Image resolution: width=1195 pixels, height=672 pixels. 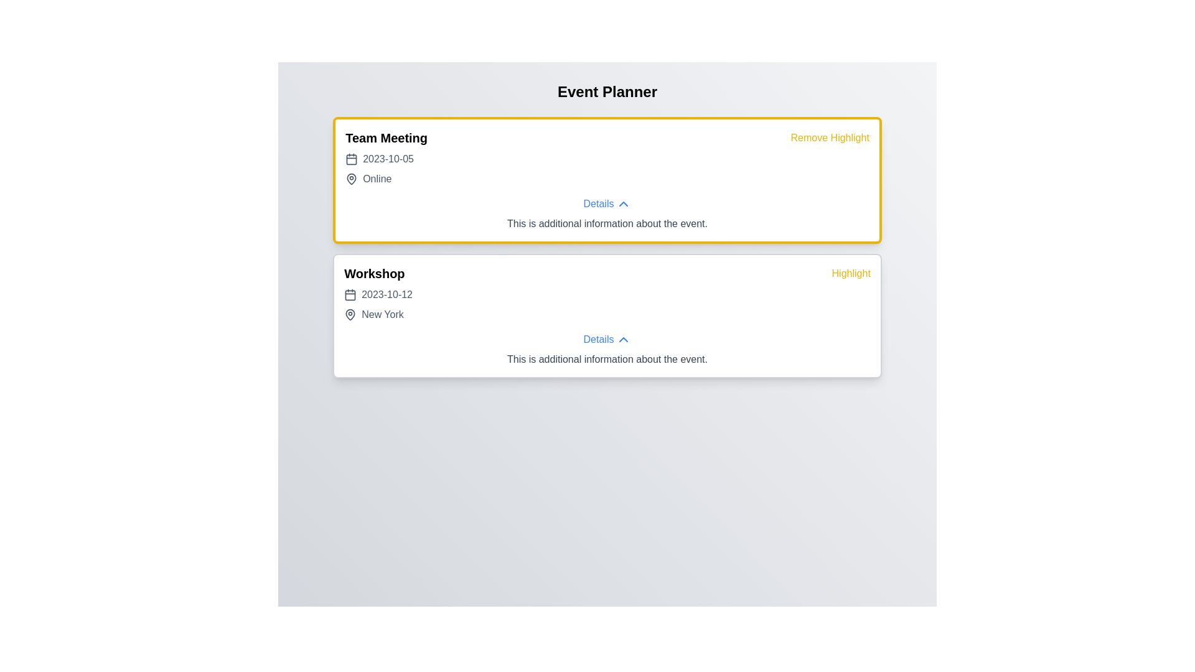 What do you see at coordinates (351, 159) in the screenshot?
I see `the decorative graphical background of the calendar icon, which is a square icon with rounded corners, positioned next to the '2023-10-05' text label under the 'Team Meeting' title in the first event card` at bounding box center [351, 159].